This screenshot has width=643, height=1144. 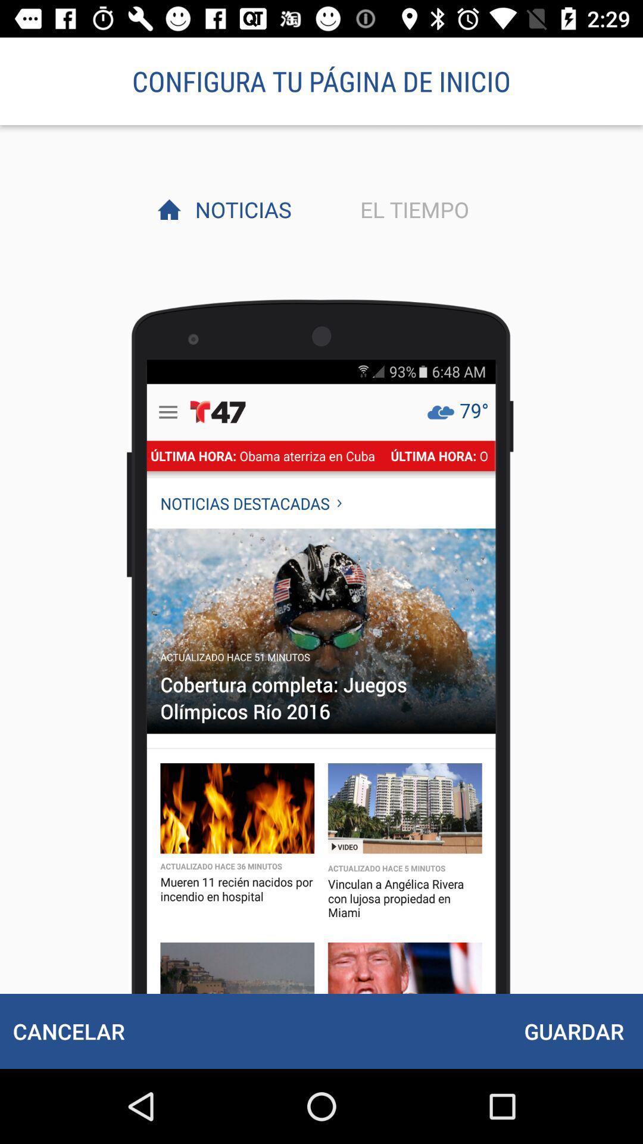 I want to click on the icon to the left of the el tiempo icon, so click(x=240, y=209).